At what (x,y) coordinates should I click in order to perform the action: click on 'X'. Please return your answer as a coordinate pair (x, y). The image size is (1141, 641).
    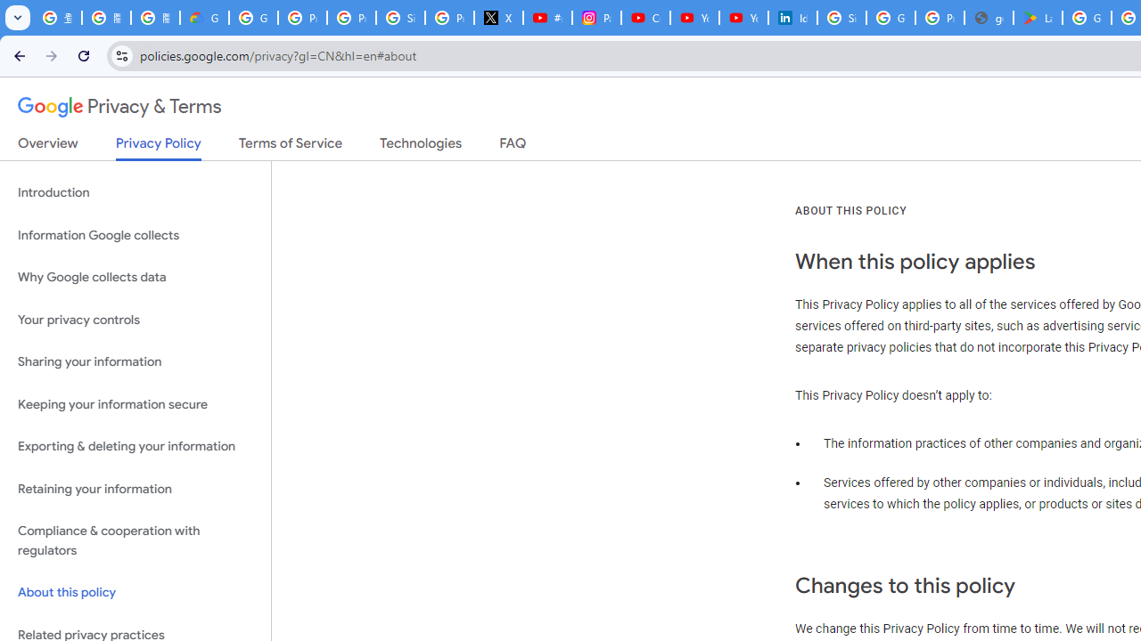
    Looking at the image, I should click on (499, 18).